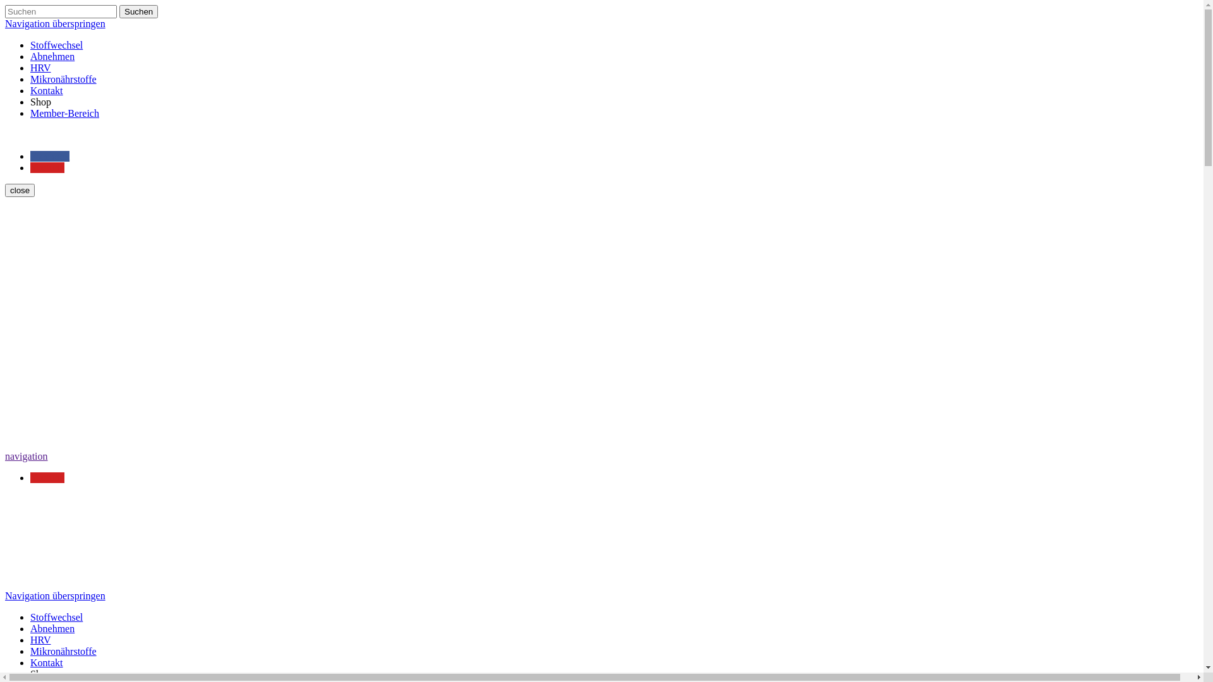 Image resolution: width=1213 pixels, height=682 pixels. Describe the element at coordinates (64, 112) in the screenshot. I see `'Member-Bereich'` at that location.